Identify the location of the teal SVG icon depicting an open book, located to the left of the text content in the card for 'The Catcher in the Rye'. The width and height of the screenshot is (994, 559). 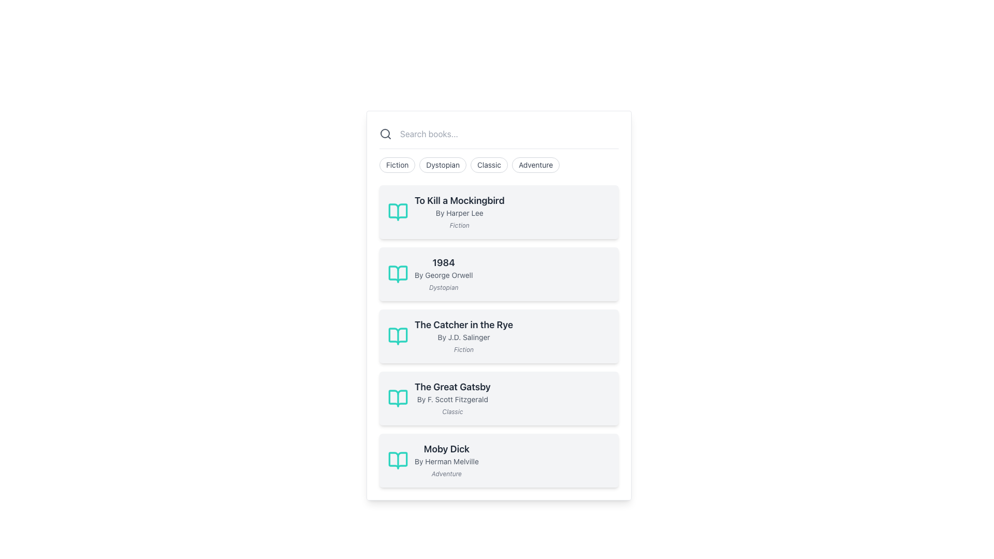
(397, 336).